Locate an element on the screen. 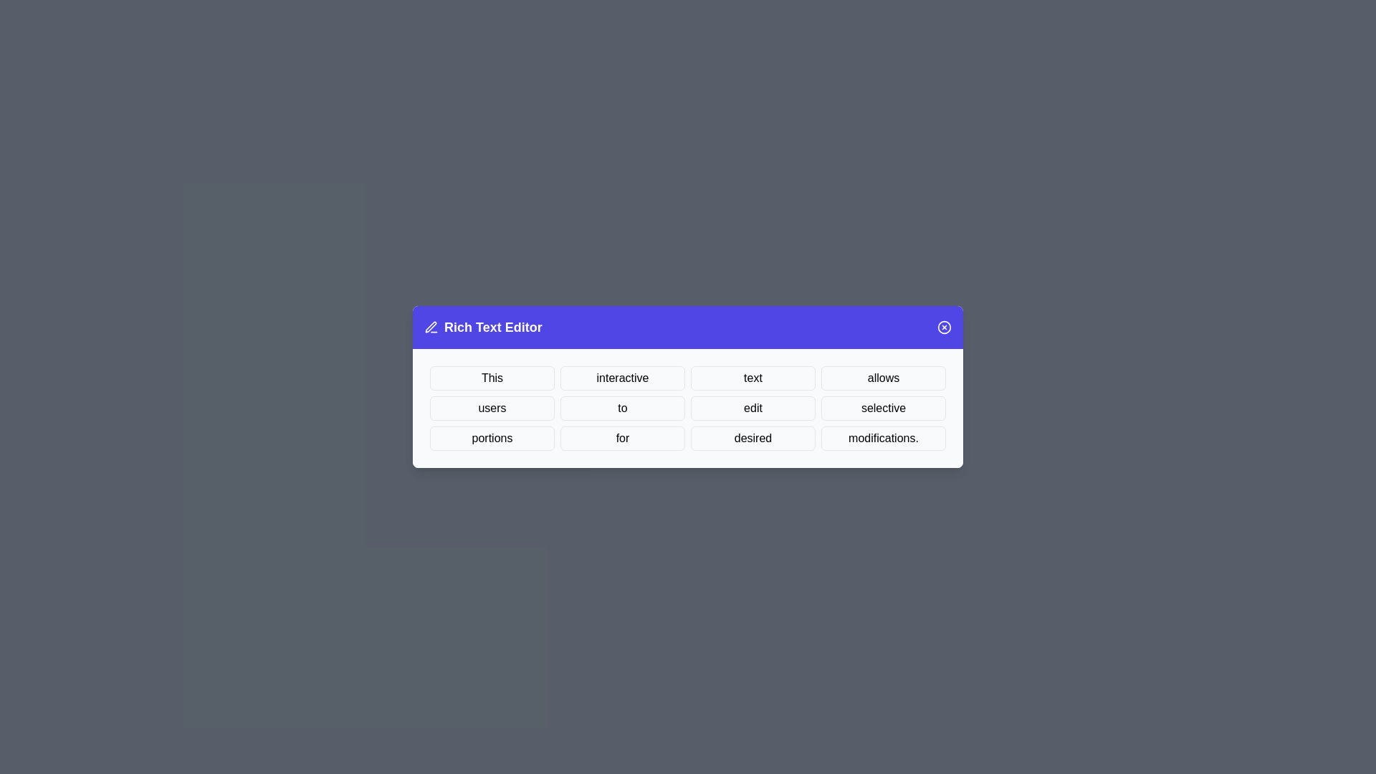  the word This to select it is located at coordinates (492, 378).